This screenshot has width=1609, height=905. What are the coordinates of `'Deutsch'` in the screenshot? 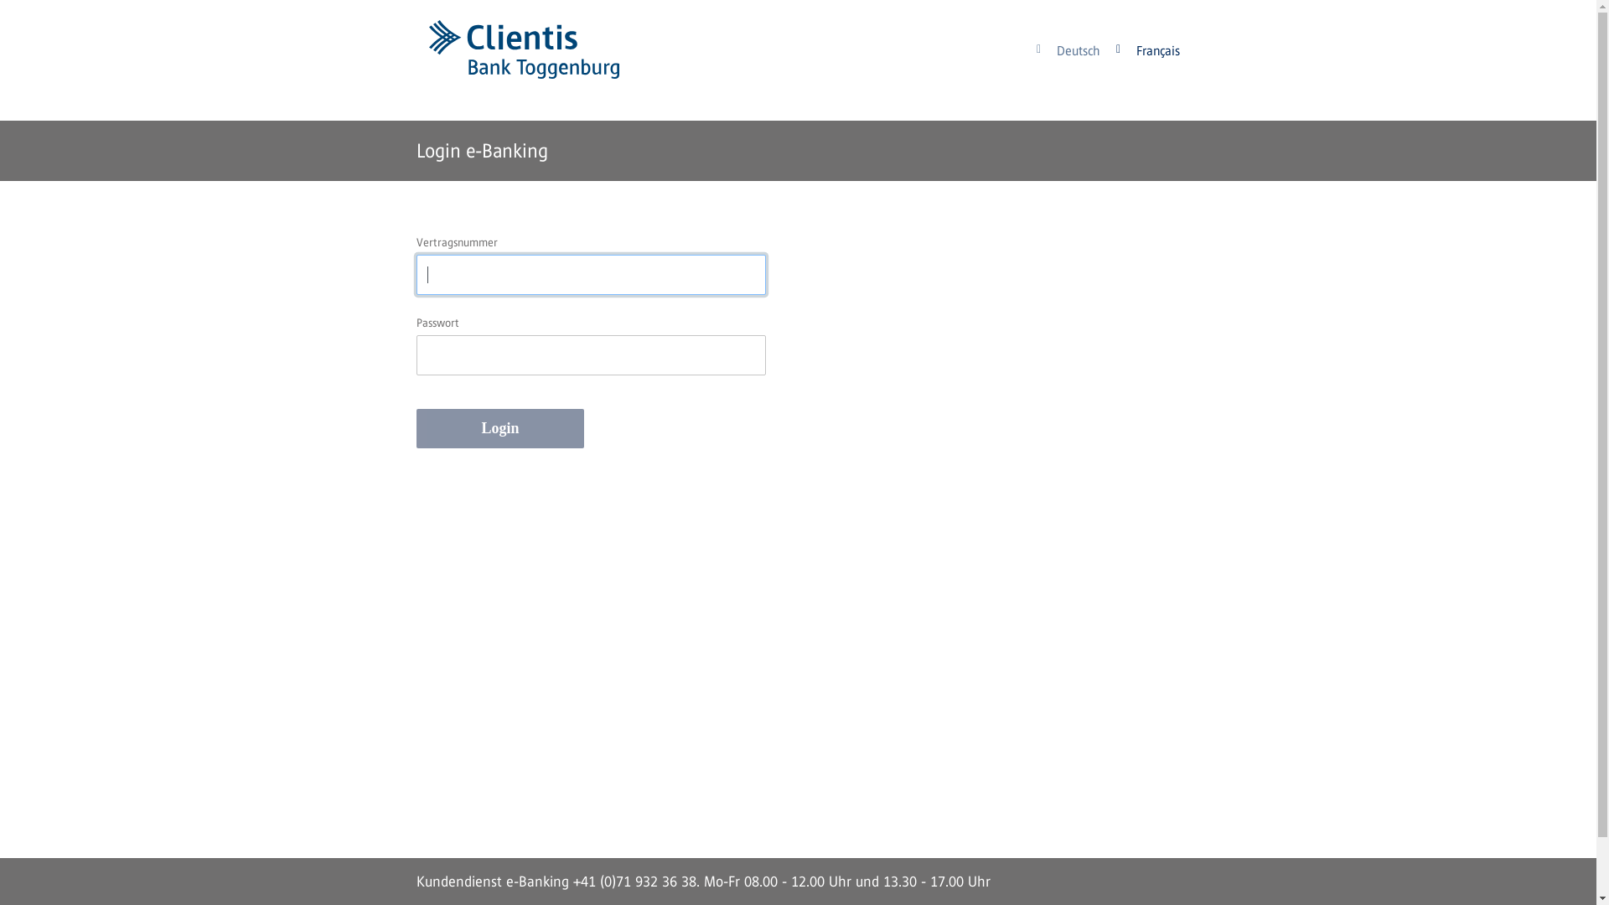 It's located at (1067, 49).